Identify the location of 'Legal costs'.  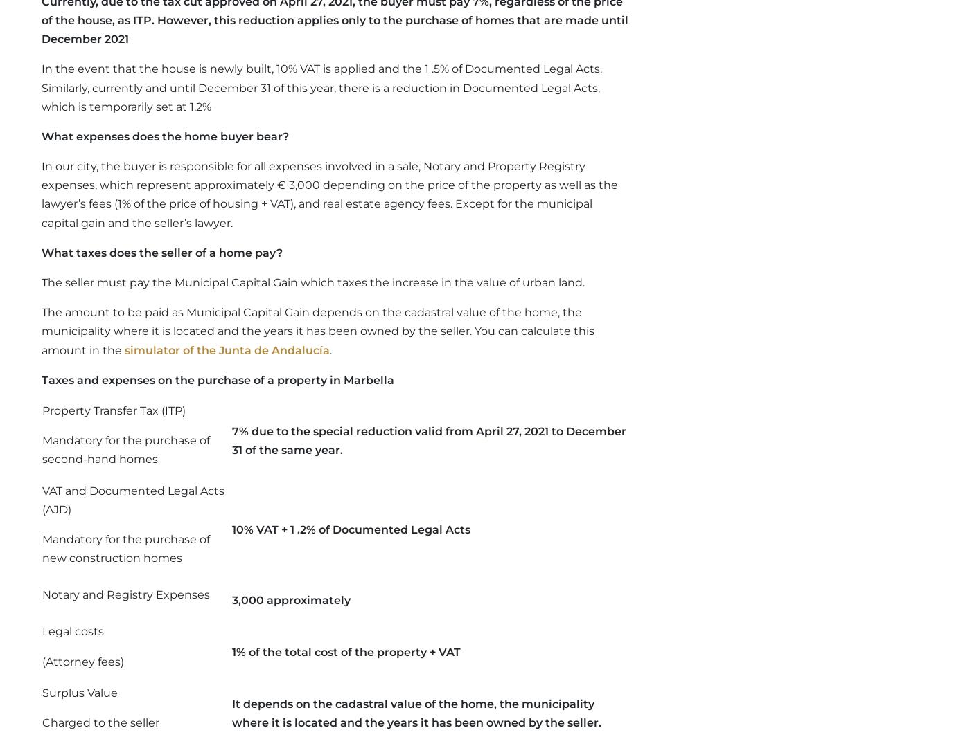
(73, 631).